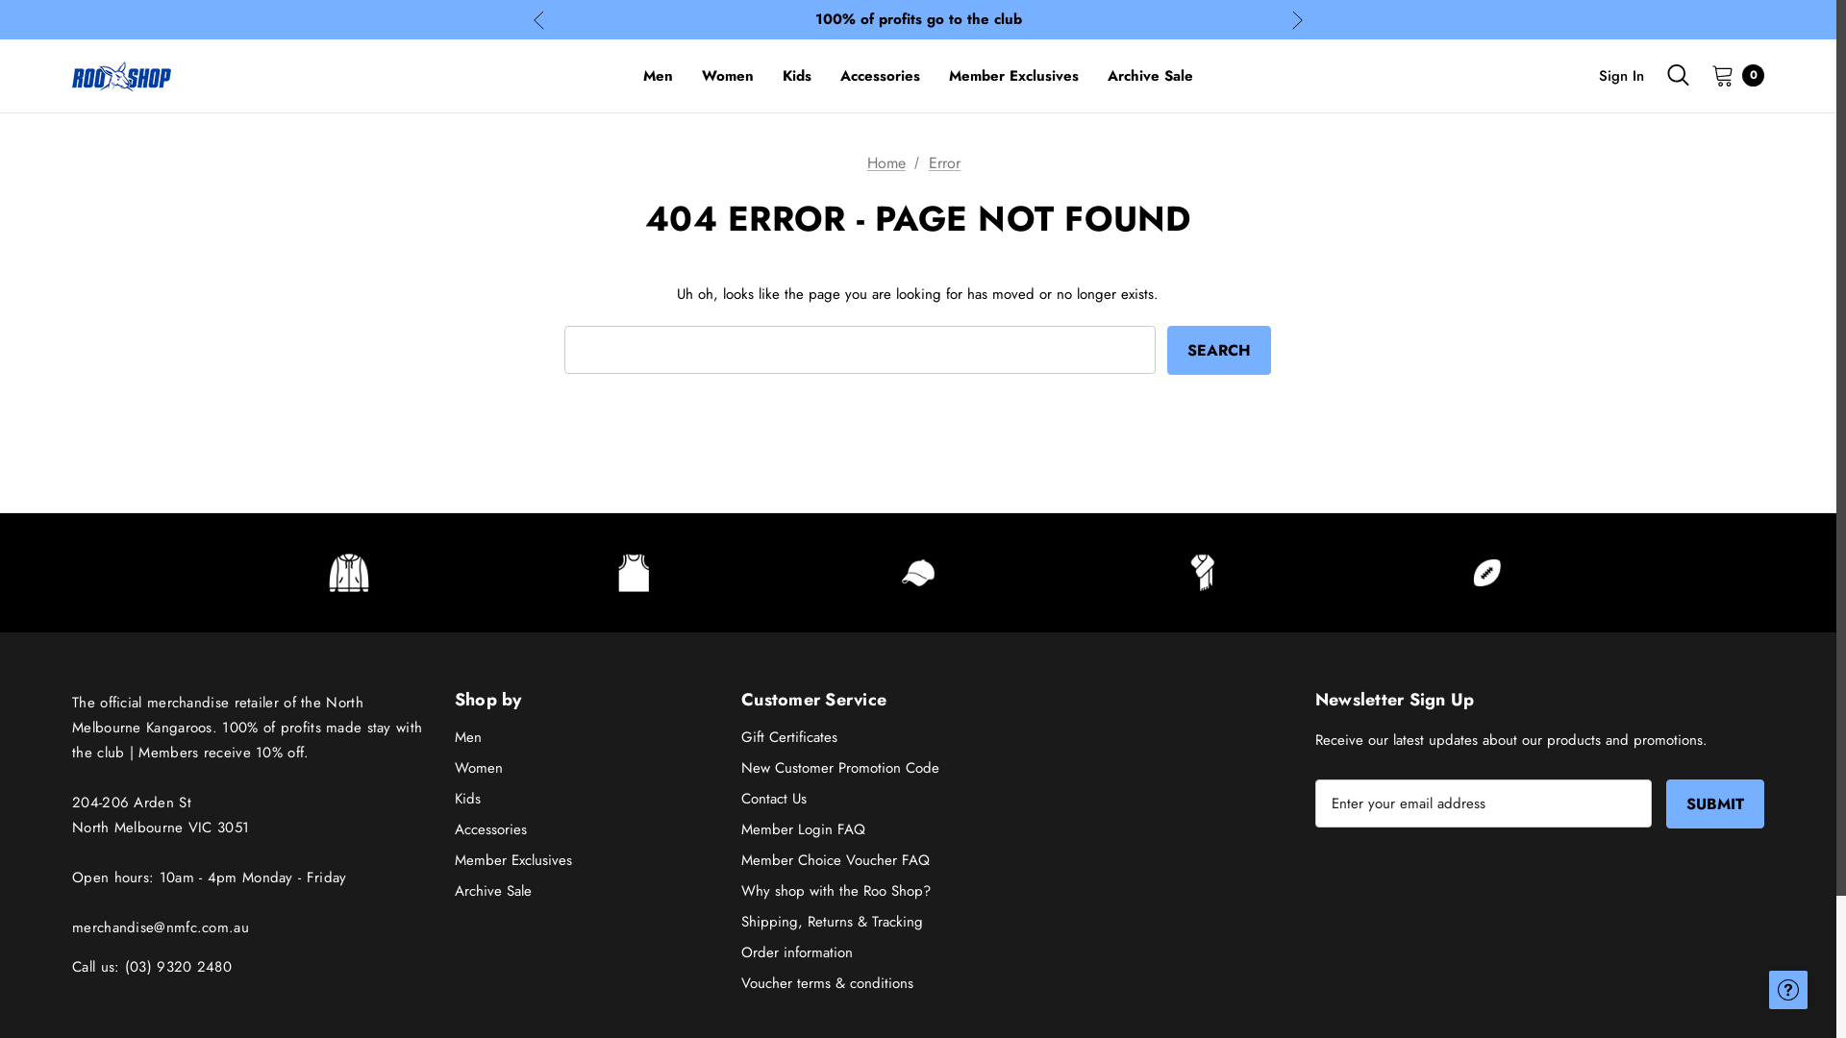 The image size is (1846, 1038). Describe the element at coordinates (538, 19) in the screenshot. I see `'Previous'` at that location.